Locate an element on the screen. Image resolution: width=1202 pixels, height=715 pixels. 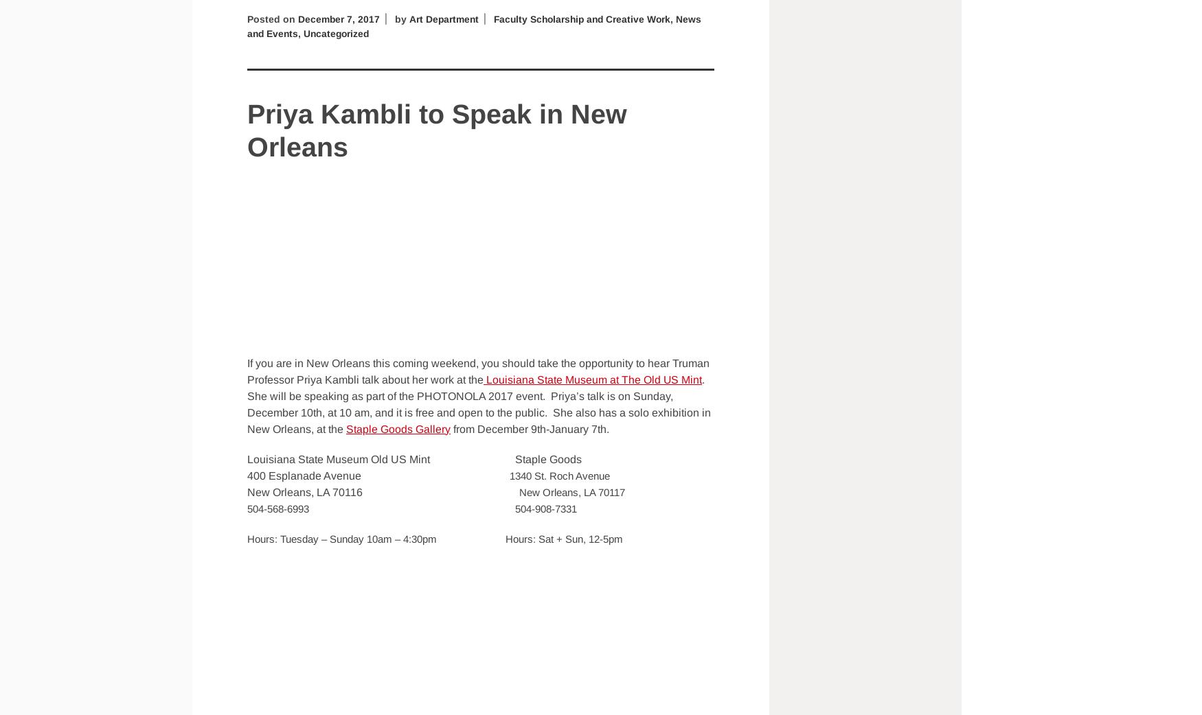
'by' is located at coordinates (400, 17).